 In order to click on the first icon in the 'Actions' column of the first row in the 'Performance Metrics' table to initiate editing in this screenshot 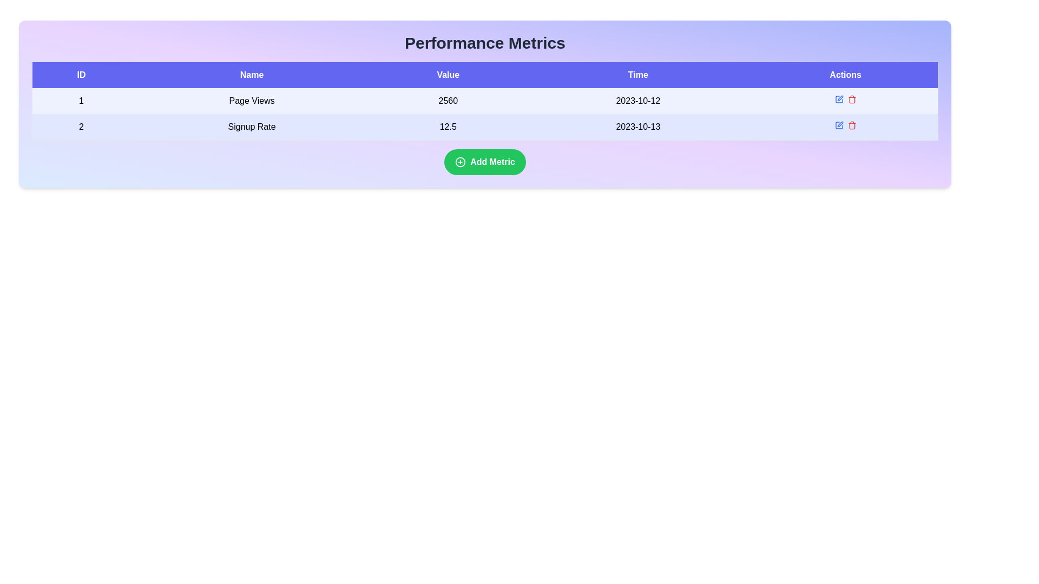, I will do `click(838, 99)`.